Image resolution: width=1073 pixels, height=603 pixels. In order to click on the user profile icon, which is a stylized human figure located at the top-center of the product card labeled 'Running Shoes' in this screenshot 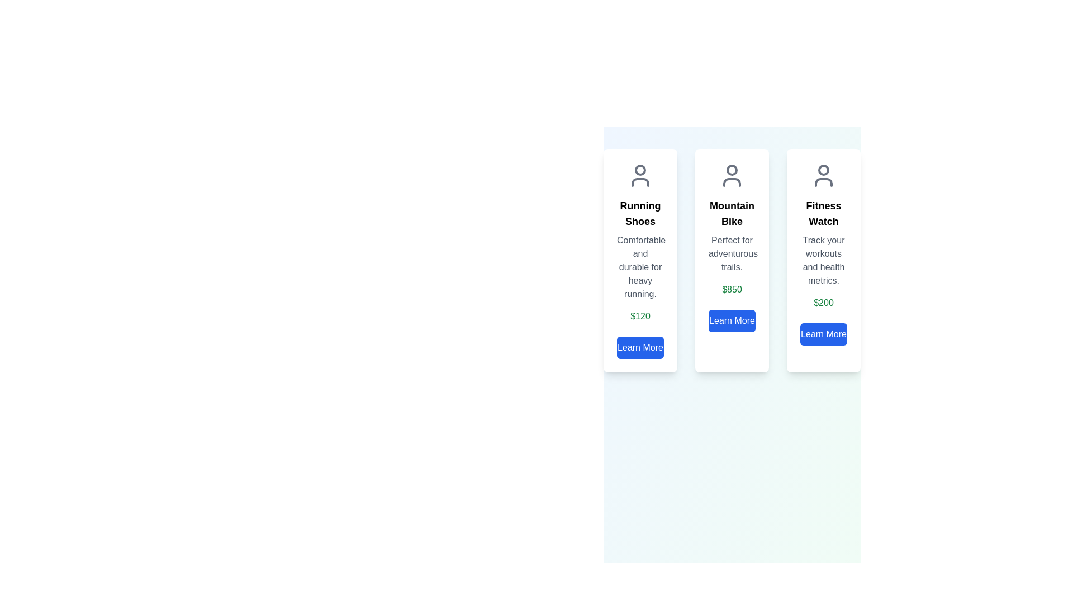, I will do `click(640, 176)`.